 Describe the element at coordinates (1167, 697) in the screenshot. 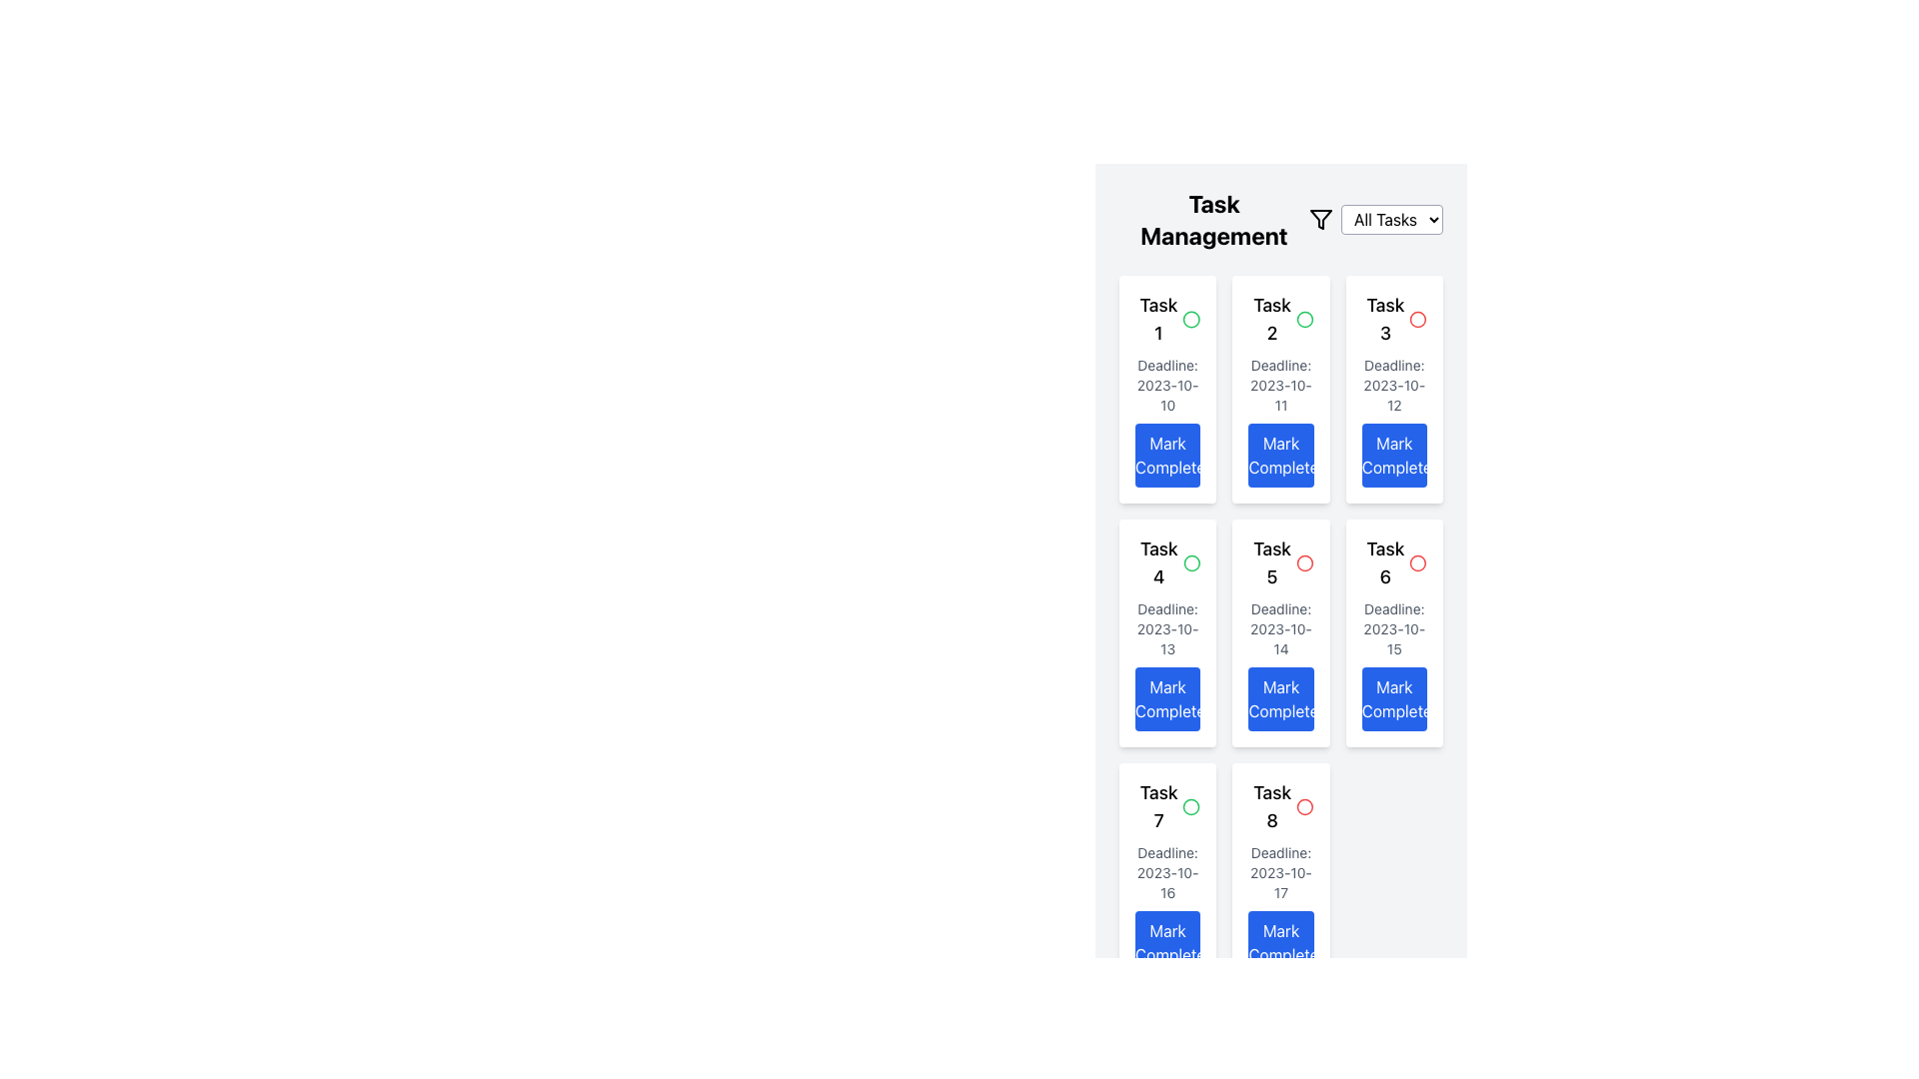

I see `the button at the bottom center of the 'Task 4' card to mark the task as completed` at that location.